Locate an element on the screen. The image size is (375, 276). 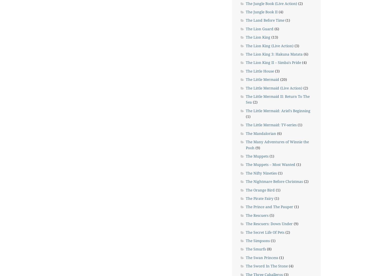
'The Lion King' is located at coordinates (258, 37).